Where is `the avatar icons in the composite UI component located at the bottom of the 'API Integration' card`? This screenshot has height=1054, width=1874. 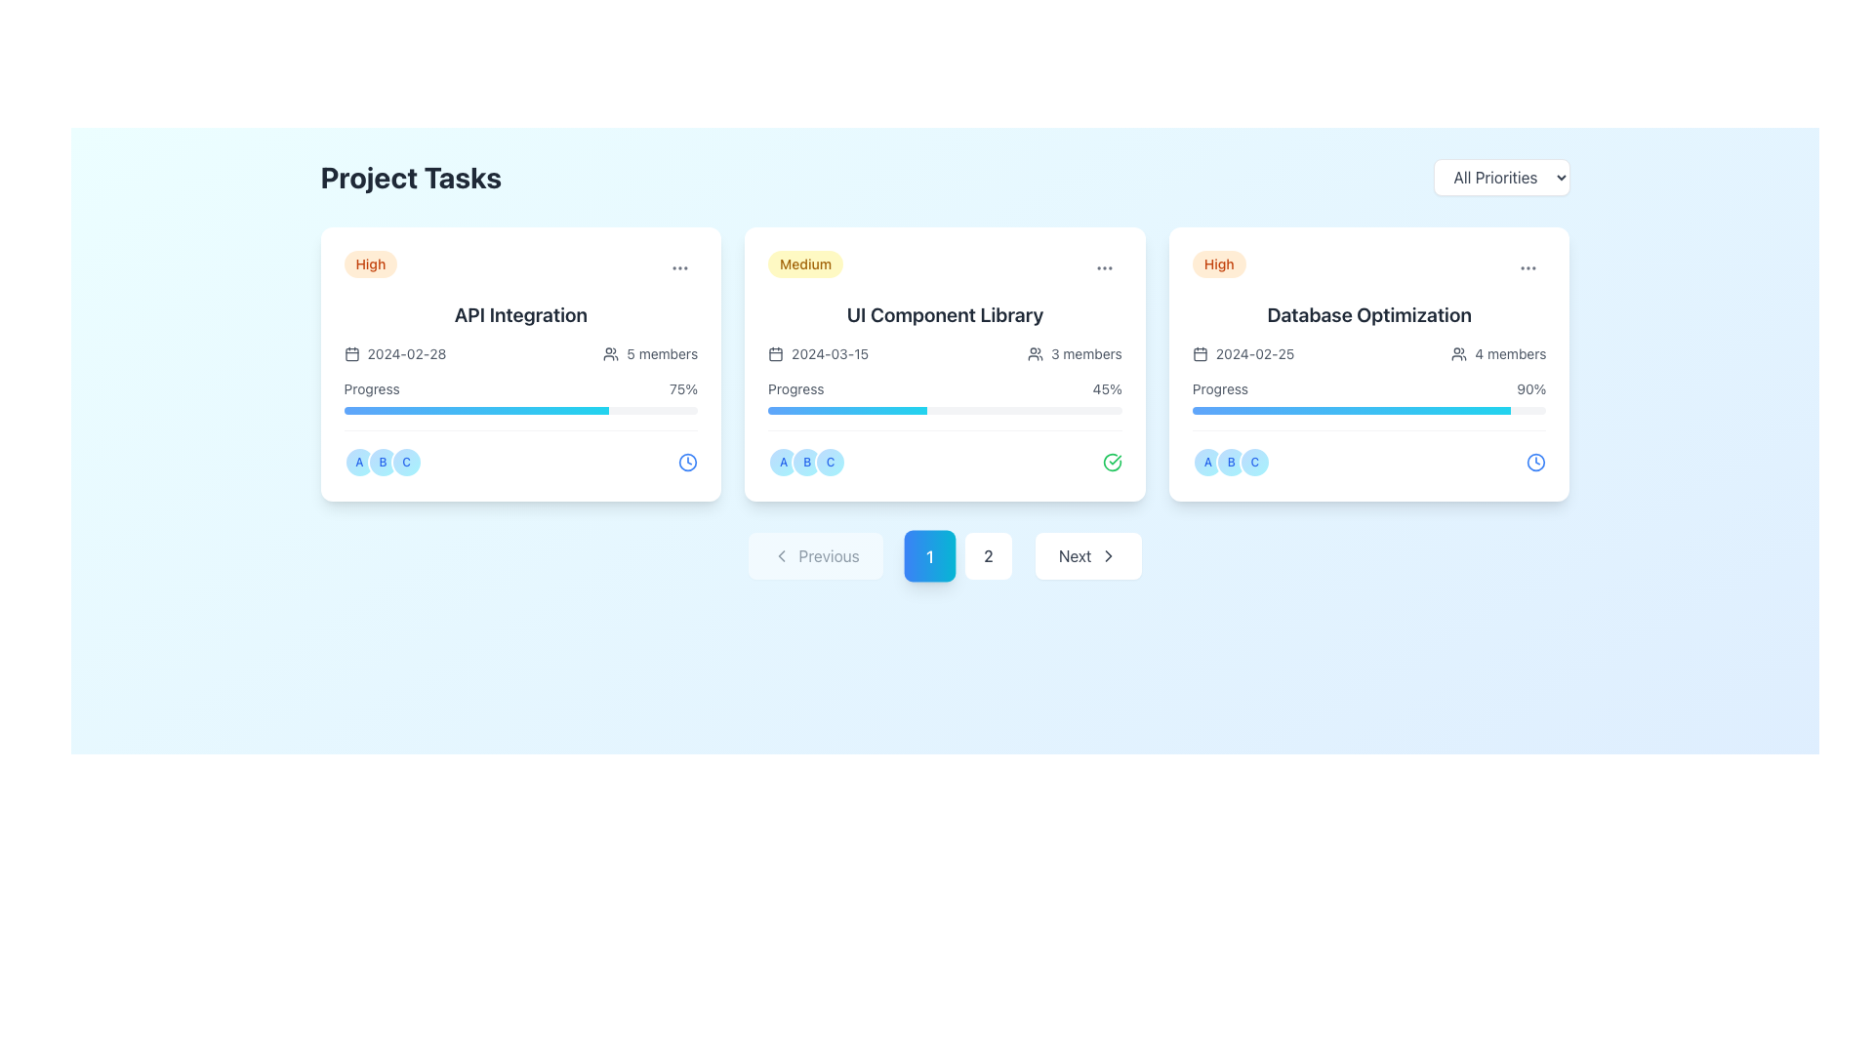 the avatar icons in the composite UI component located at the bottom of the 'API Integration' card is located at coordinates (520, 454).